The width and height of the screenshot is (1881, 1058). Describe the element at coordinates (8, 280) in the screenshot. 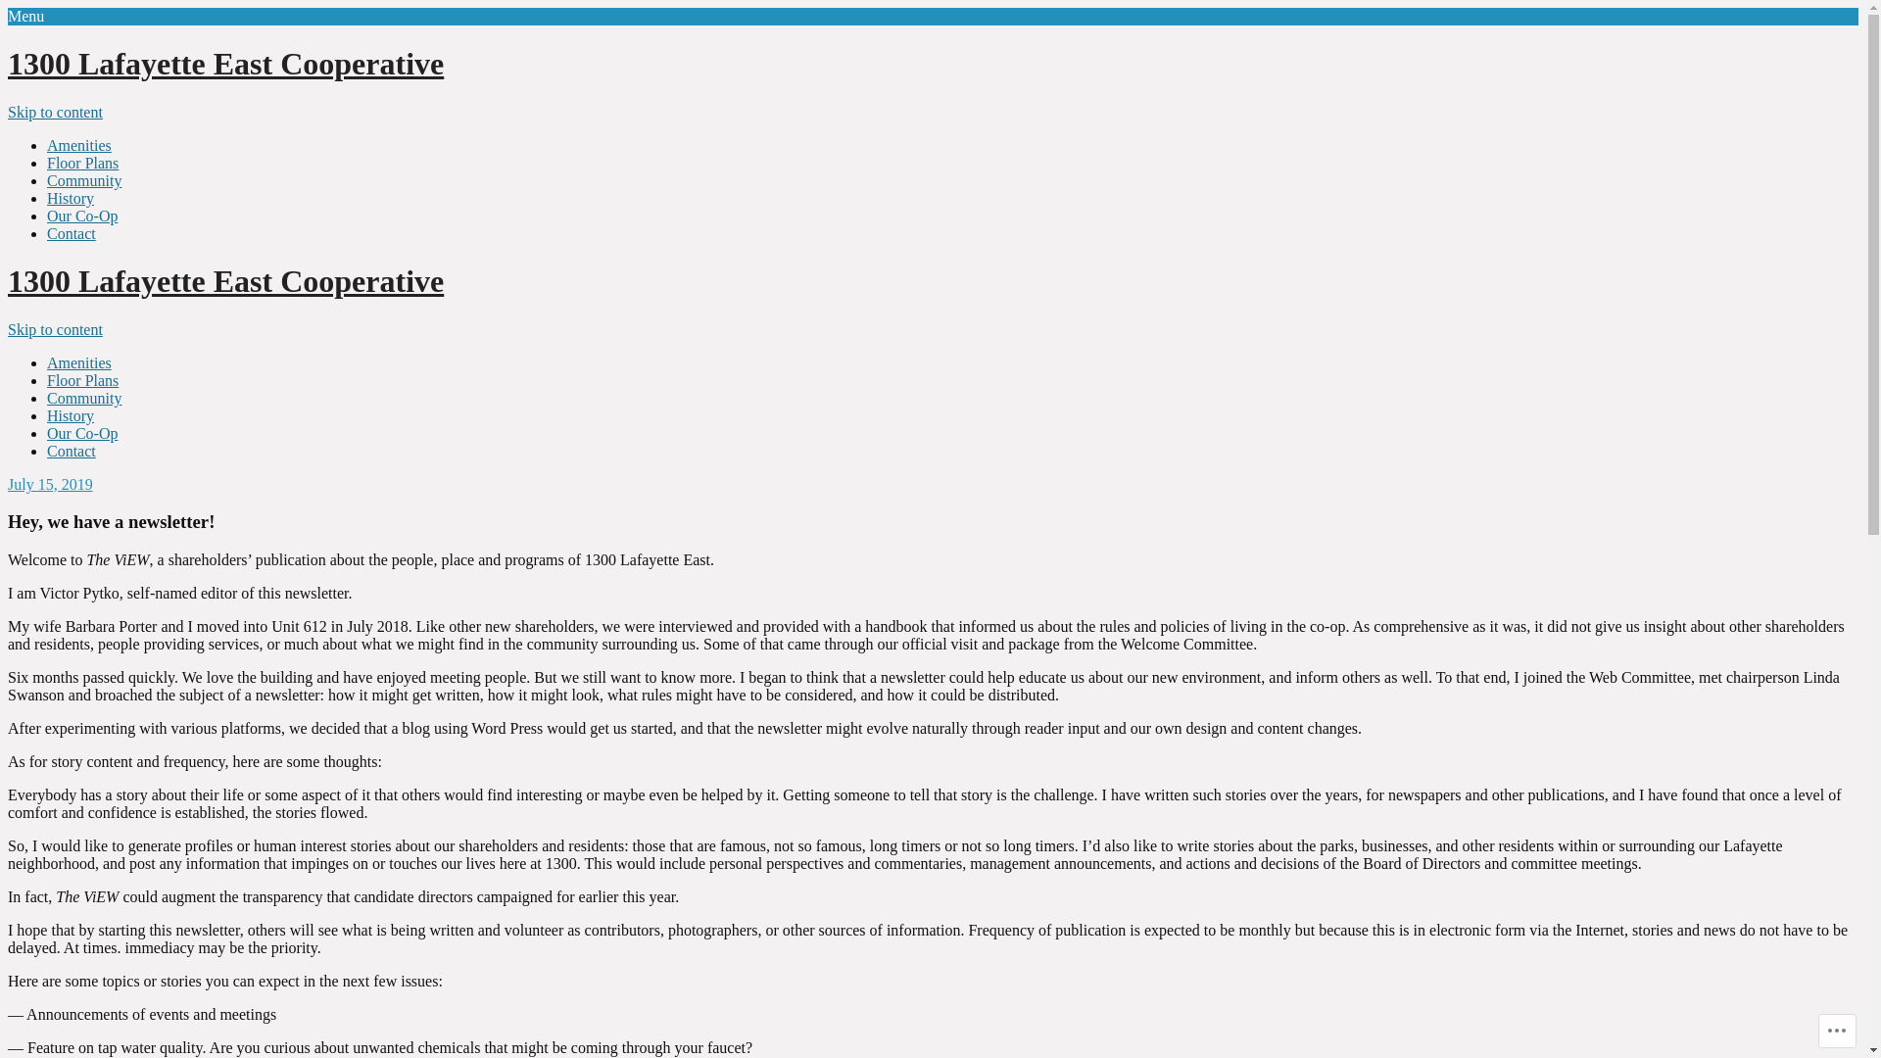

I see `'1300 Lafayette East Cooperative'` at that location.